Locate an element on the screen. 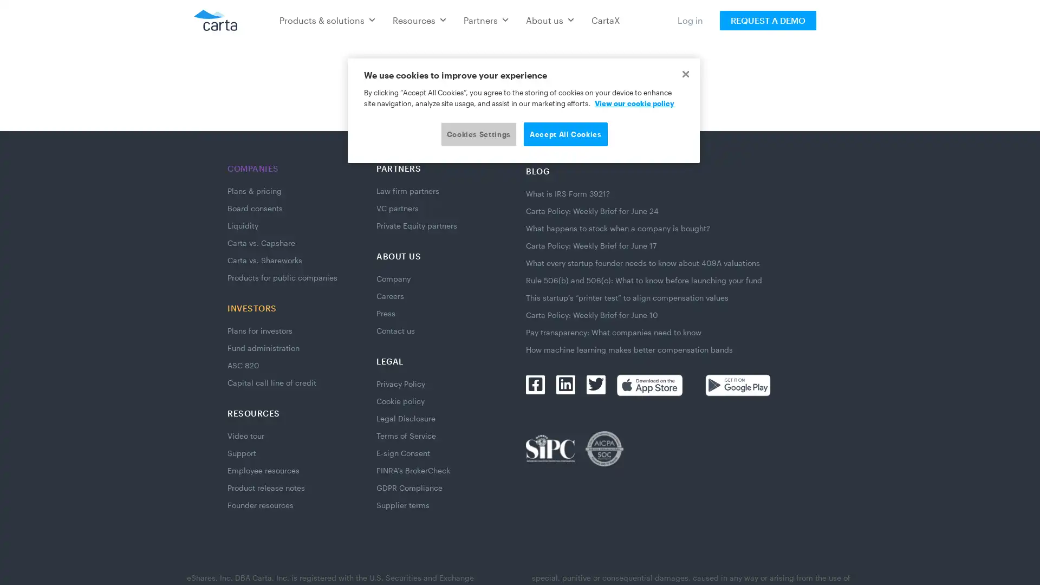  Cookies Settings is located at coordinates (478, 133).